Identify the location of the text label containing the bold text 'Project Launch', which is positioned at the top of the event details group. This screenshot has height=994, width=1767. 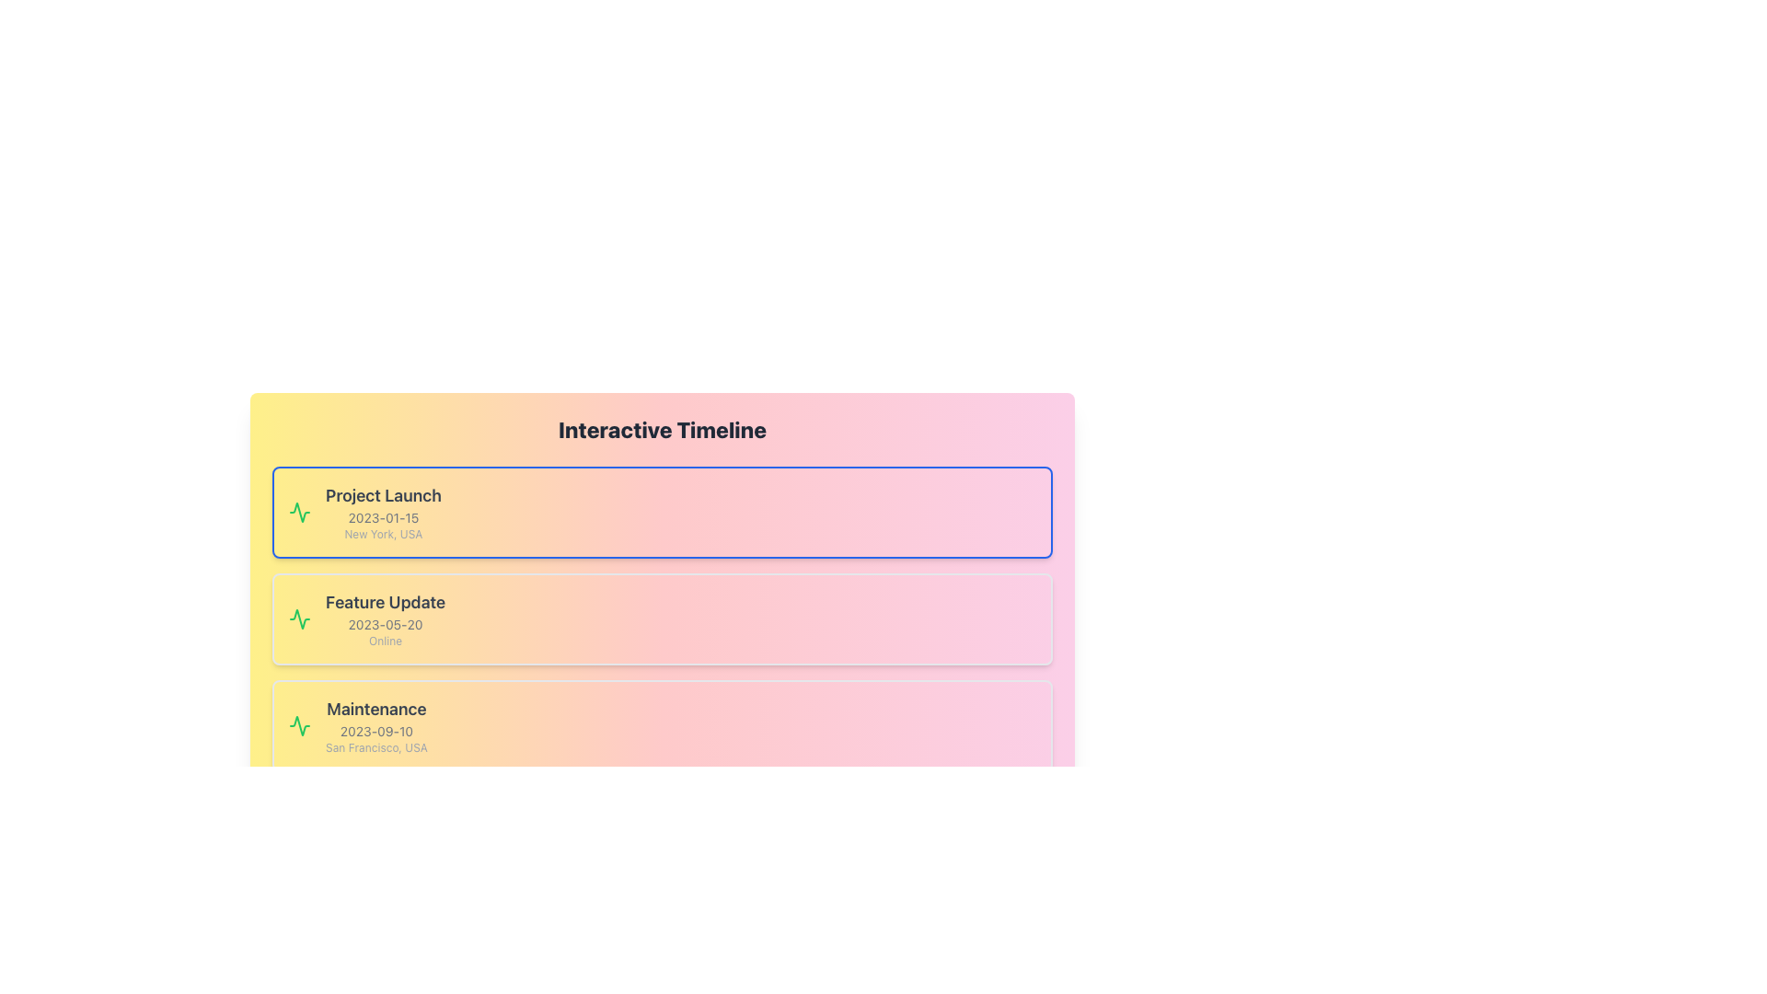
(383, 495).